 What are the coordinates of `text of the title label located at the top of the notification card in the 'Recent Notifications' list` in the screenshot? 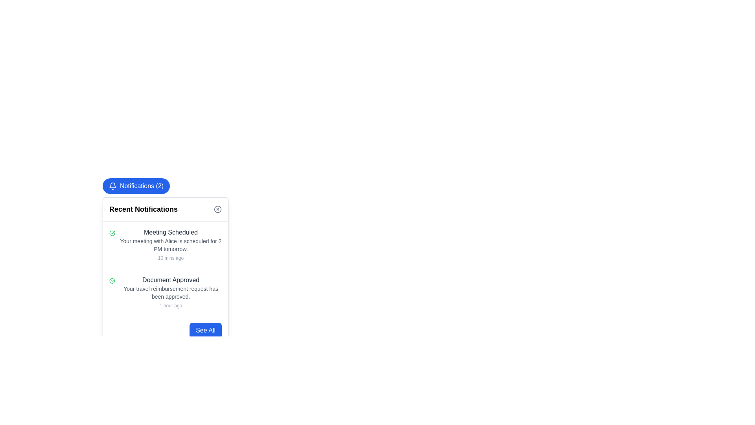 It's located at (170, 232).